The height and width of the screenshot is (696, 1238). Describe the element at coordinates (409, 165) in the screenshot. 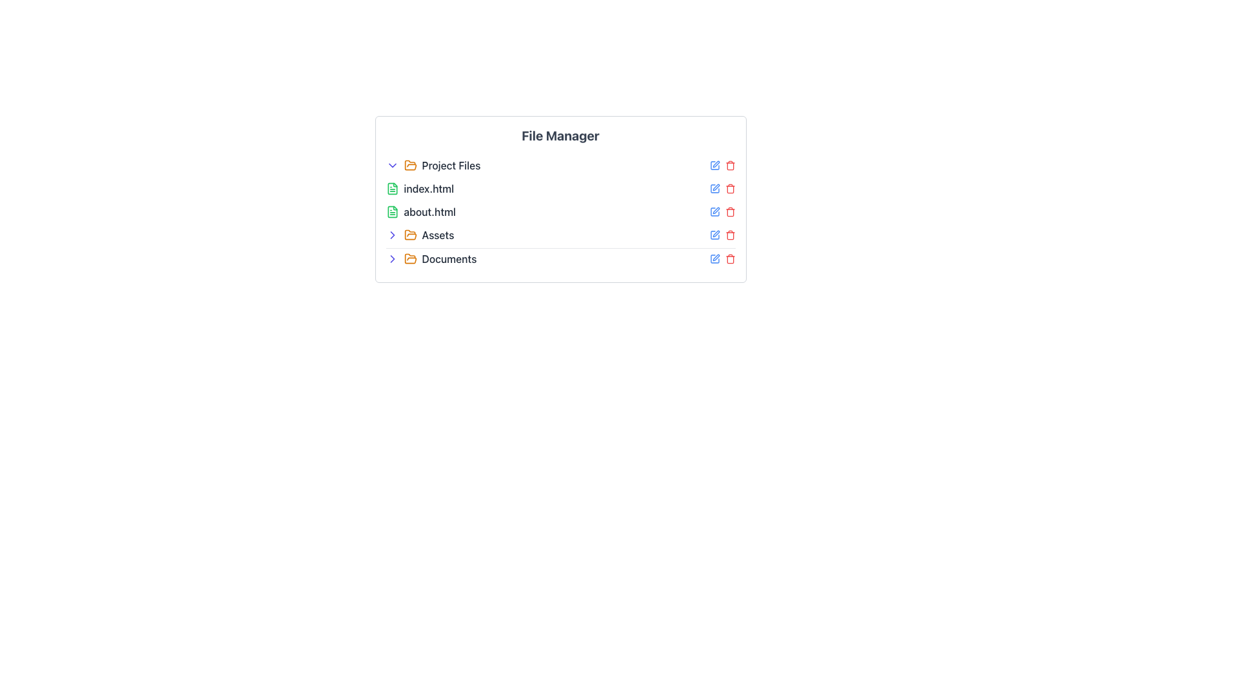

I see `the orange-colored folder icon located to the left of the 'Project Files' text` at that location.